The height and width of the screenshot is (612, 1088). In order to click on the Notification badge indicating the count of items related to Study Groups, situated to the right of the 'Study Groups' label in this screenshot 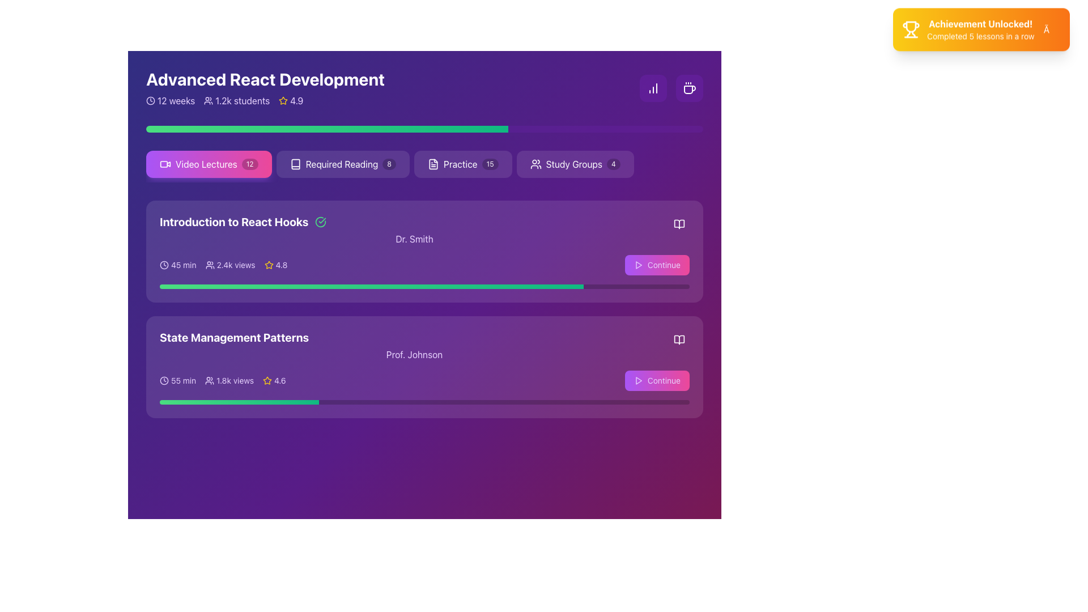, I will do `click(613, 164)`.